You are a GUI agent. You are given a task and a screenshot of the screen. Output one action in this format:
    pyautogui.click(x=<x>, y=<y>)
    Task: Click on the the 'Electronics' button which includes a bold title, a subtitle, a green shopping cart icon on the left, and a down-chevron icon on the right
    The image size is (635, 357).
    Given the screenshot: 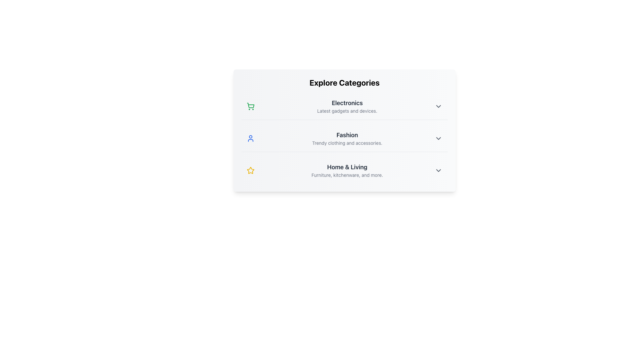 What is the action you would take?
    pyautogui.click(x=344, y=106)
    